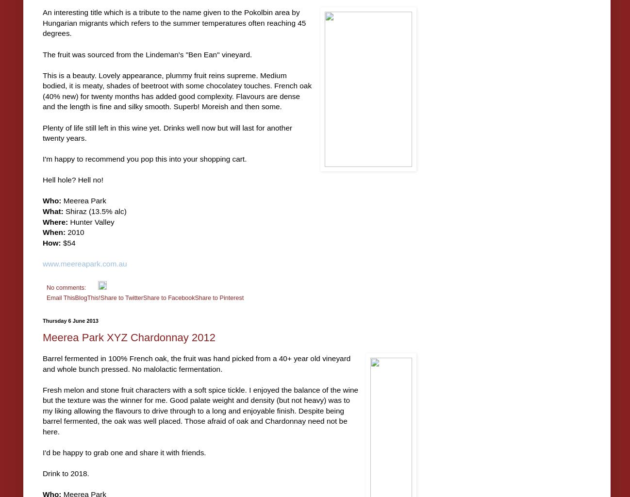 The width and height of the screenshot is (630, 497). What do you see at coordinates (174, 22) in the screenshot?
I see `'An interesting title which is a tribute to the name given to the Pokolbin area by Hungarian migrants which refers to the summer temperatures often reaching 45 degrees.'` at bounding box center [174, 22].